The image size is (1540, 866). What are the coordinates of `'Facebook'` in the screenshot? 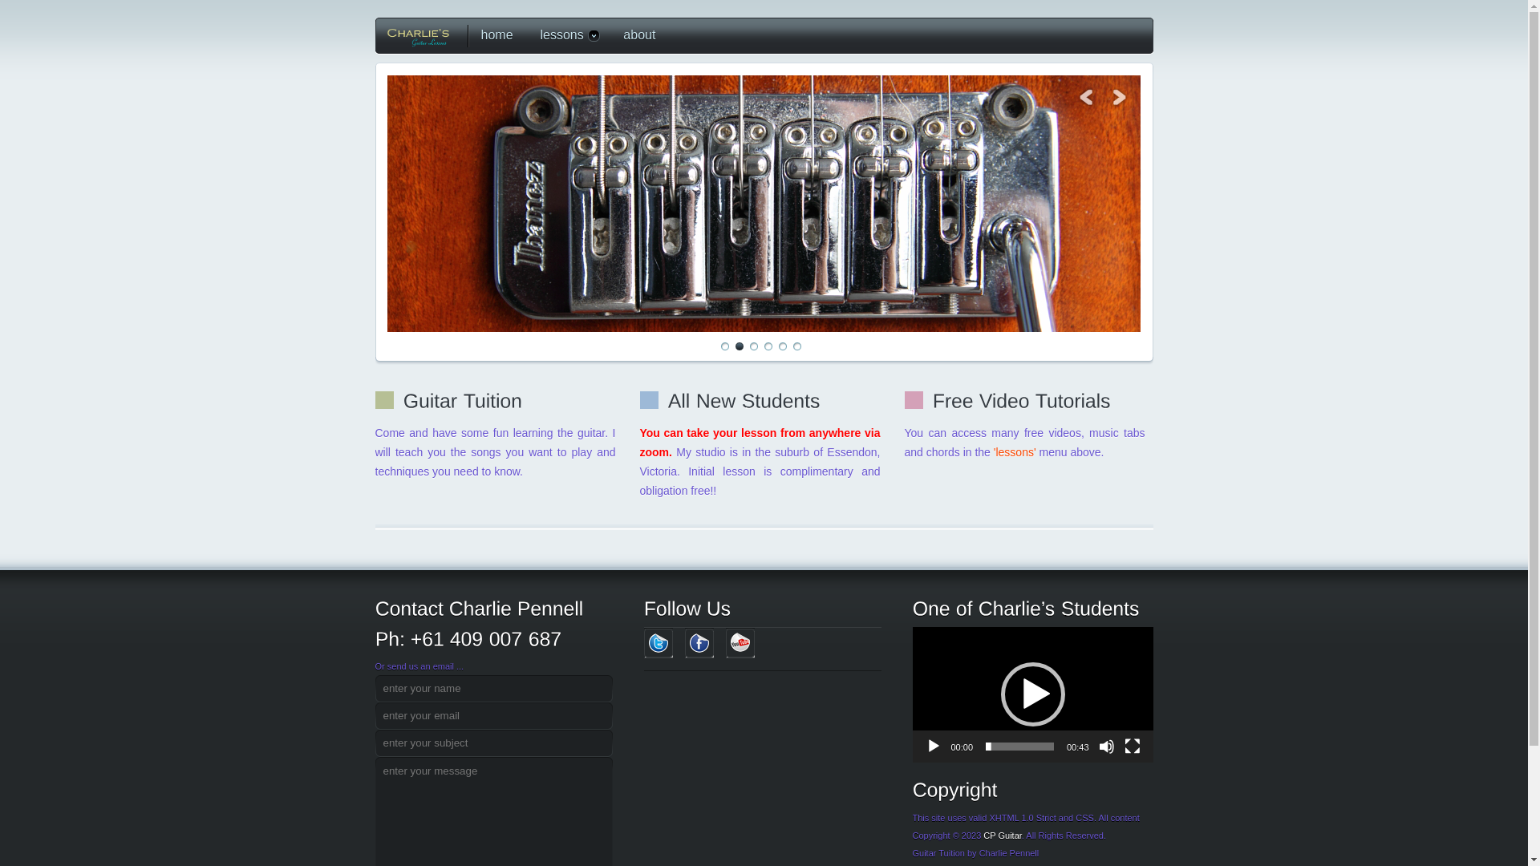 It's located at (699, 642).